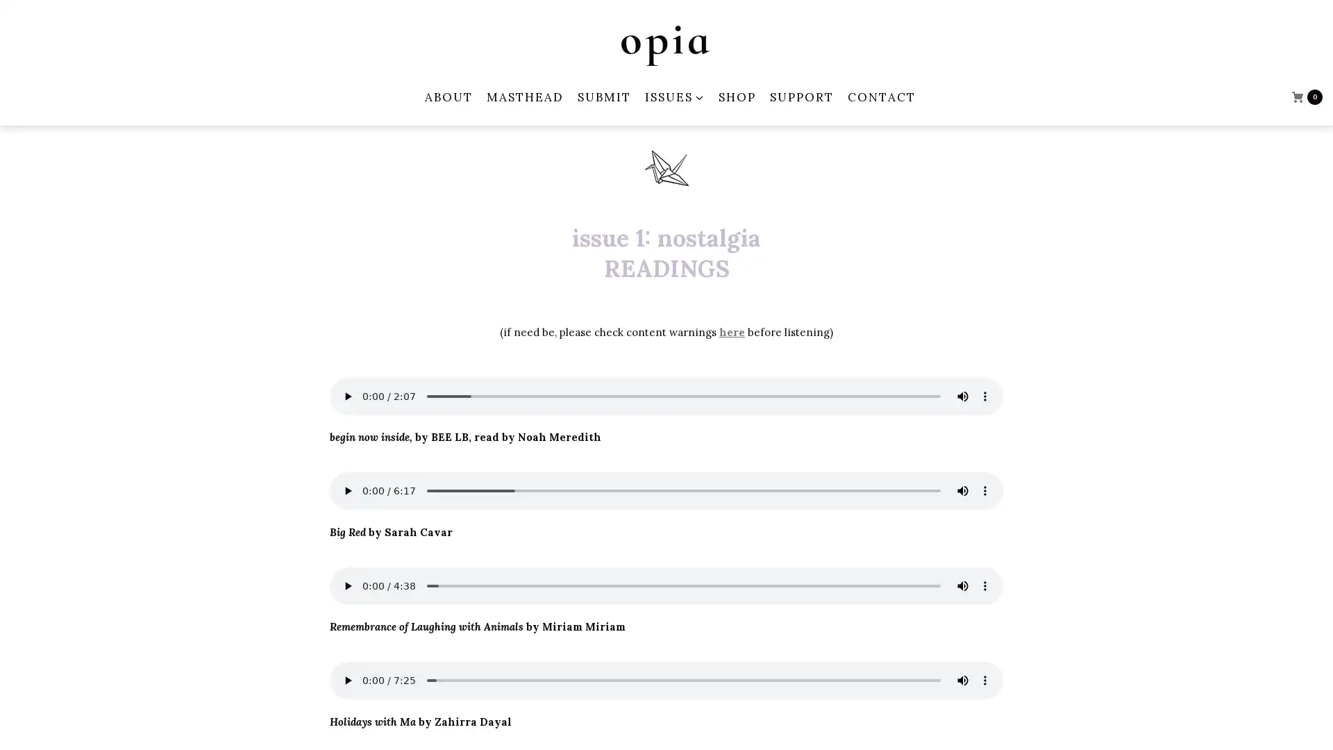  What do you see at coordinates (984, 585) in the screenshot?
I see `show more media controls` at bounding box center [984, 585].